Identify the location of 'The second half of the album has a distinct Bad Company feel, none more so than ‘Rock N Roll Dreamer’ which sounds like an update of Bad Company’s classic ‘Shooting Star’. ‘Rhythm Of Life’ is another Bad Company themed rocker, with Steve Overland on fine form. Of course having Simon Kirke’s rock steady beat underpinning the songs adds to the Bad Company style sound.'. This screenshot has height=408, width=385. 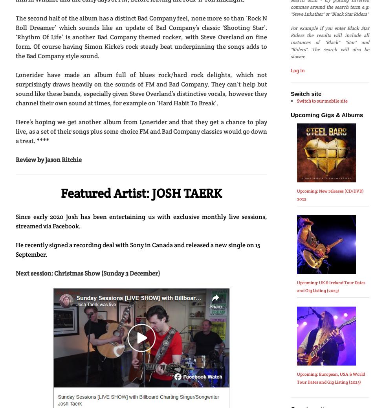
(15, 37).